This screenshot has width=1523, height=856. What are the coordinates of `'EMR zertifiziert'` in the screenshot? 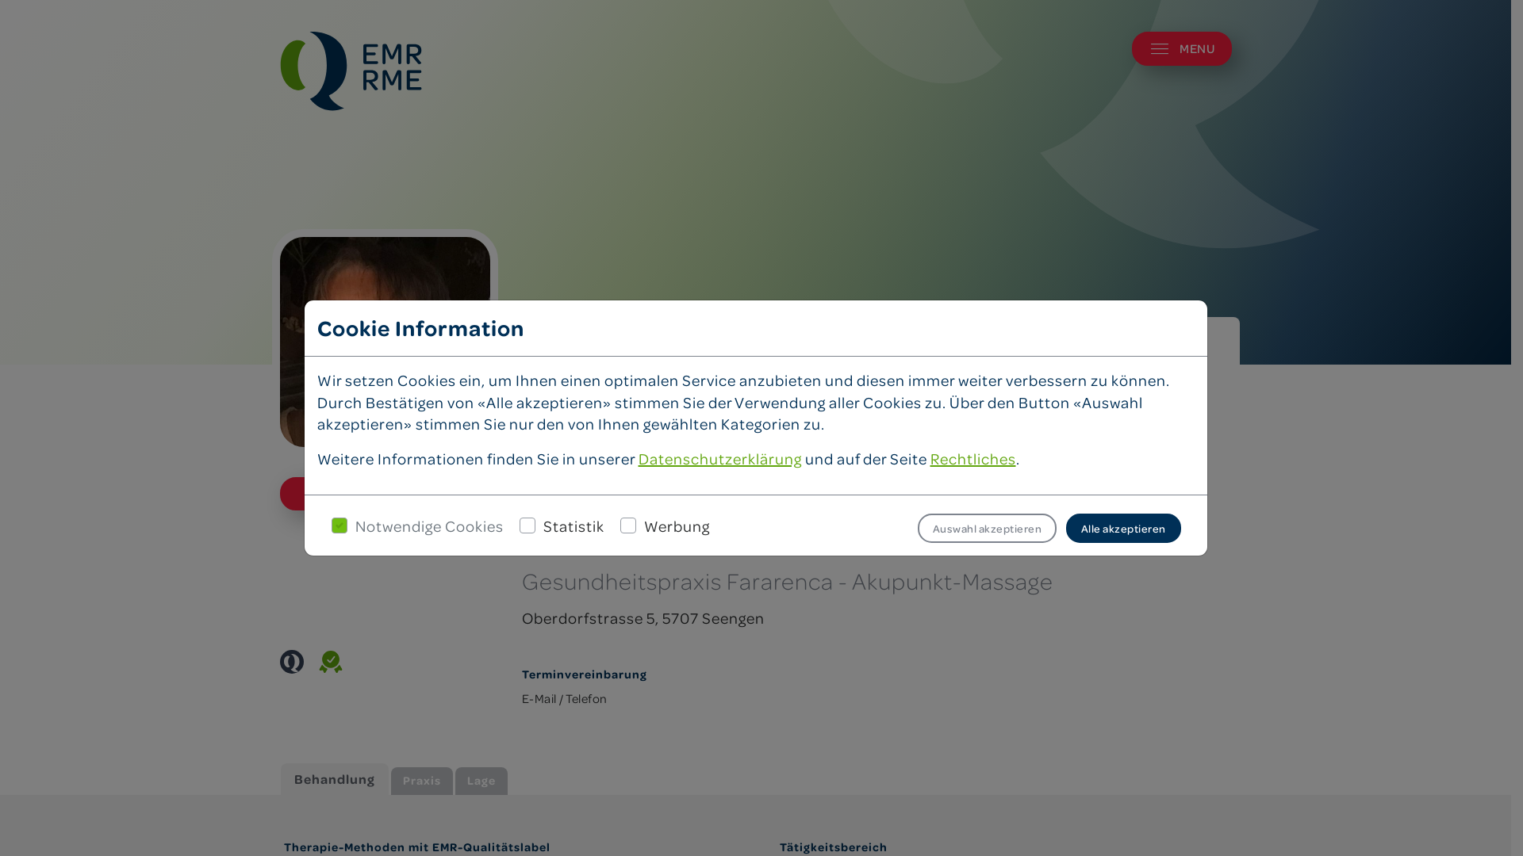 It's located at (290, 661).